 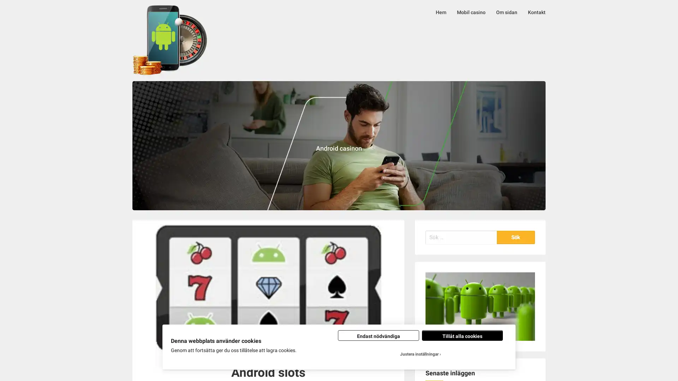 I want to click on Tillat alla cookies, so click(x=462, y=335).